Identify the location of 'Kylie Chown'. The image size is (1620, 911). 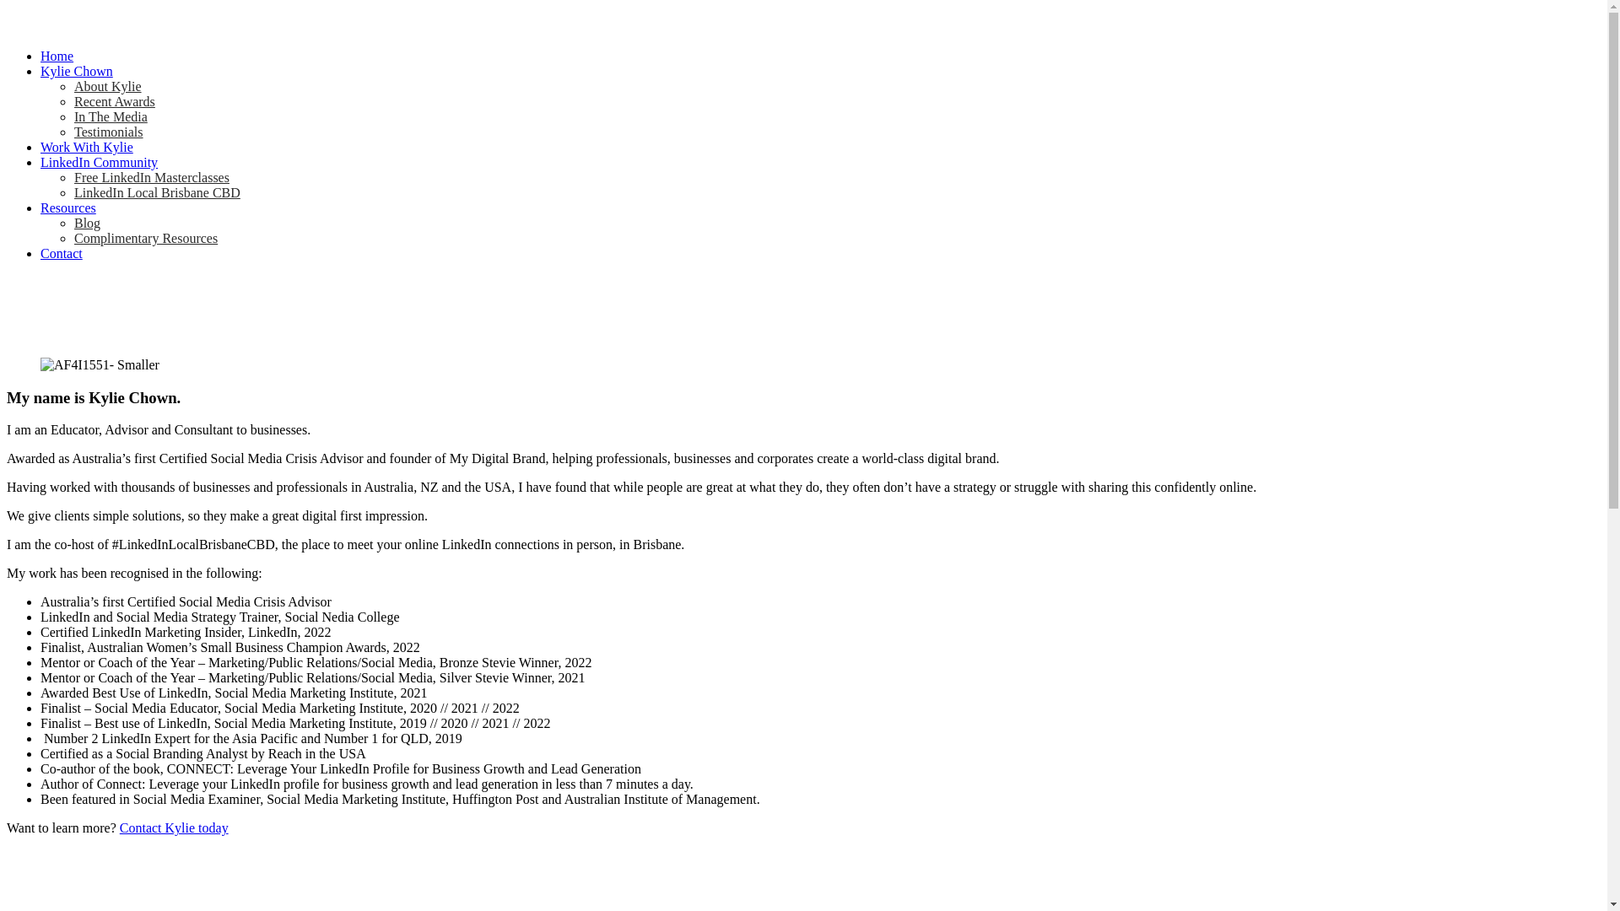
(76, 70).